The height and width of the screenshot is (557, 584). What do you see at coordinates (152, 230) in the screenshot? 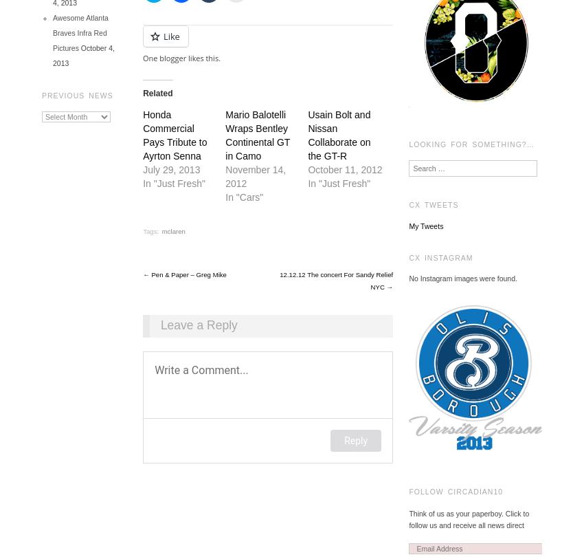
I see `'Tags:'` at bounding box center [152, 230].